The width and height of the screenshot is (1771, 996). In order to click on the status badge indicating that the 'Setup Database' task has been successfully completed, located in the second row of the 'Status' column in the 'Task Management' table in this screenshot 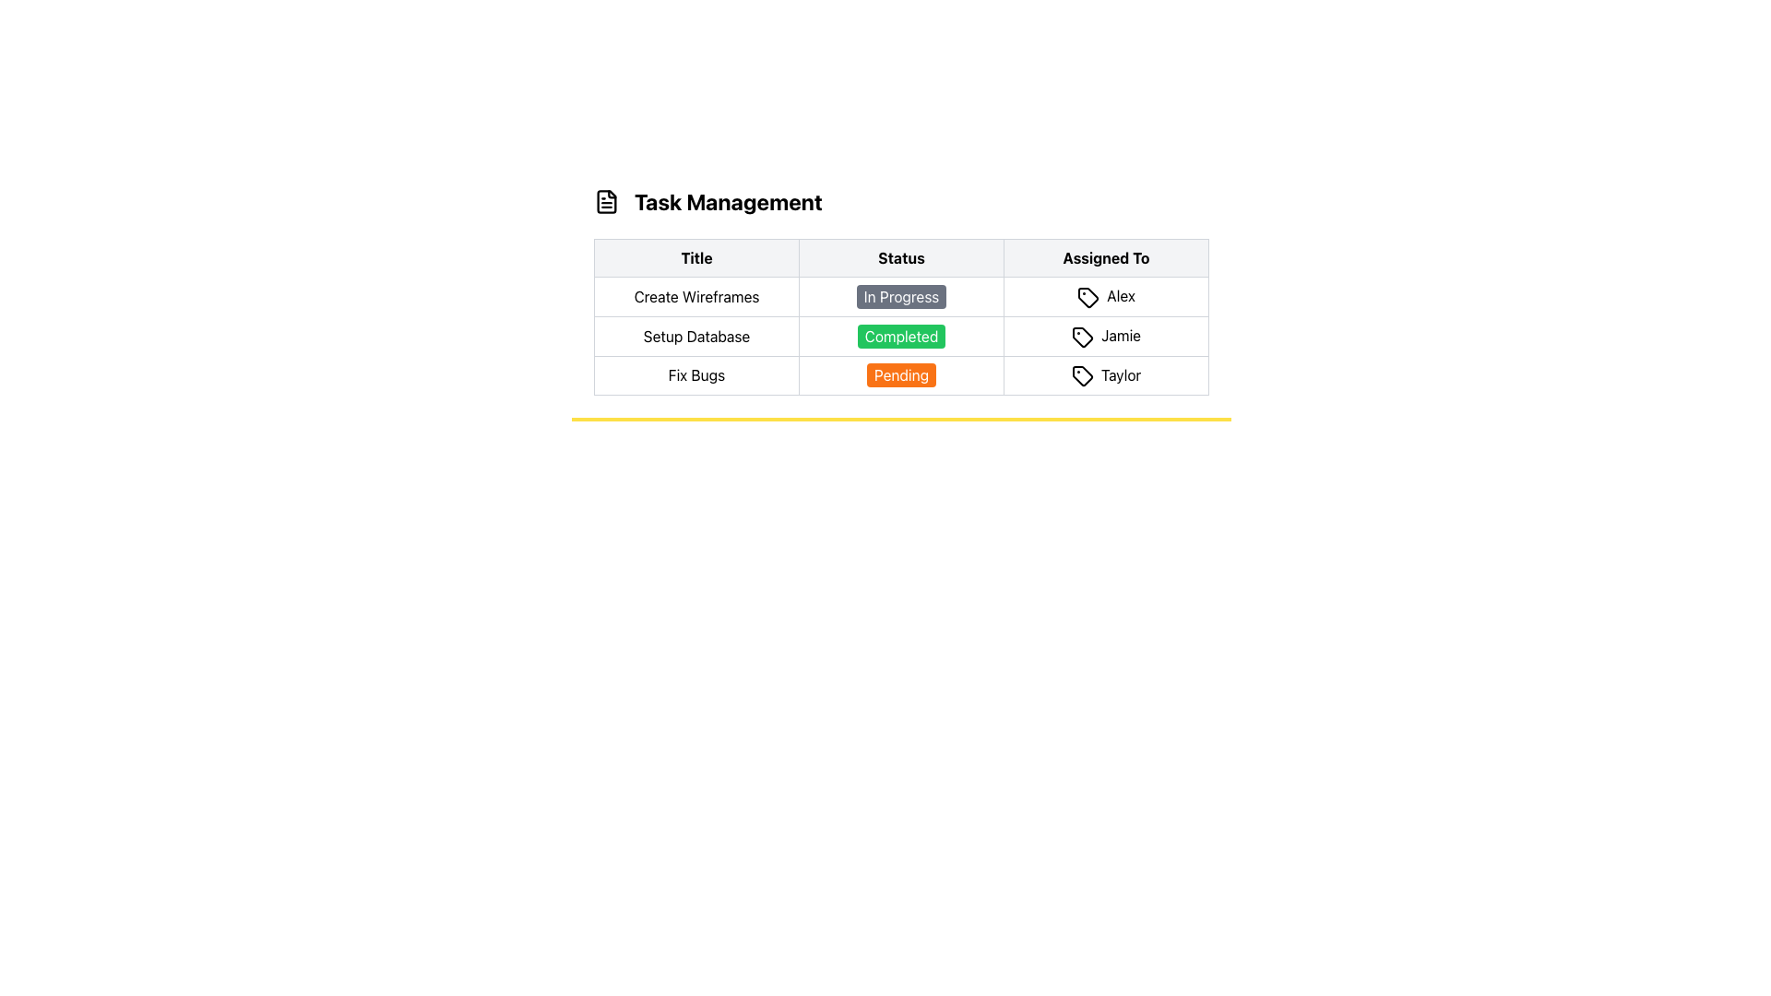, I will do `click(901, 336)`.